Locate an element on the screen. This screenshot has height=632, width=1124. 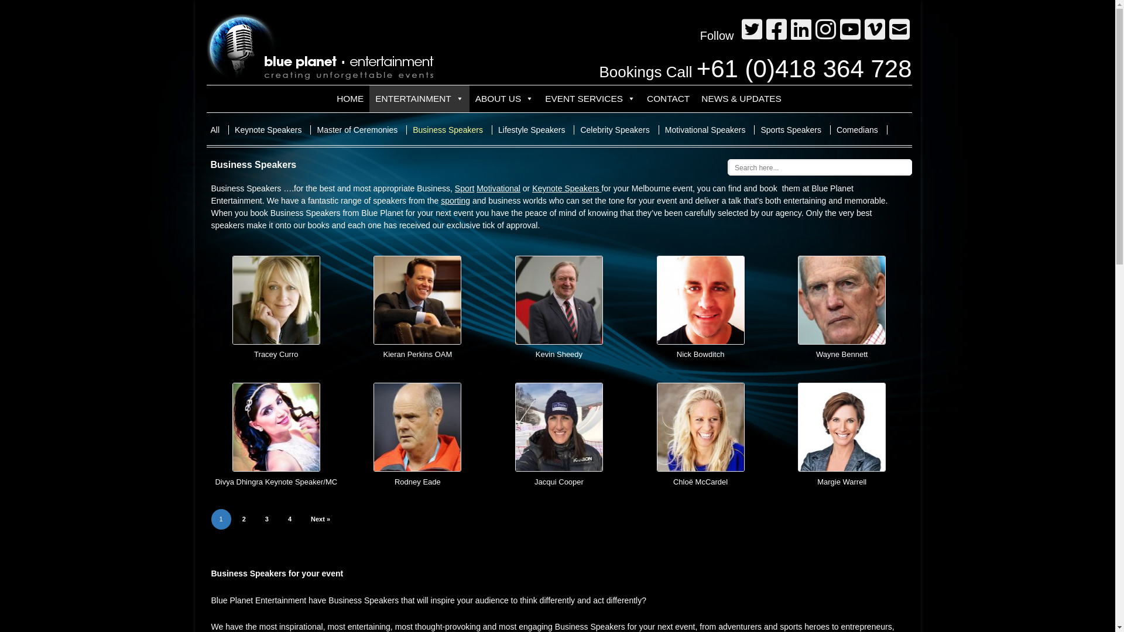
'Tracey Curro' is located at coordinates (275, 306).